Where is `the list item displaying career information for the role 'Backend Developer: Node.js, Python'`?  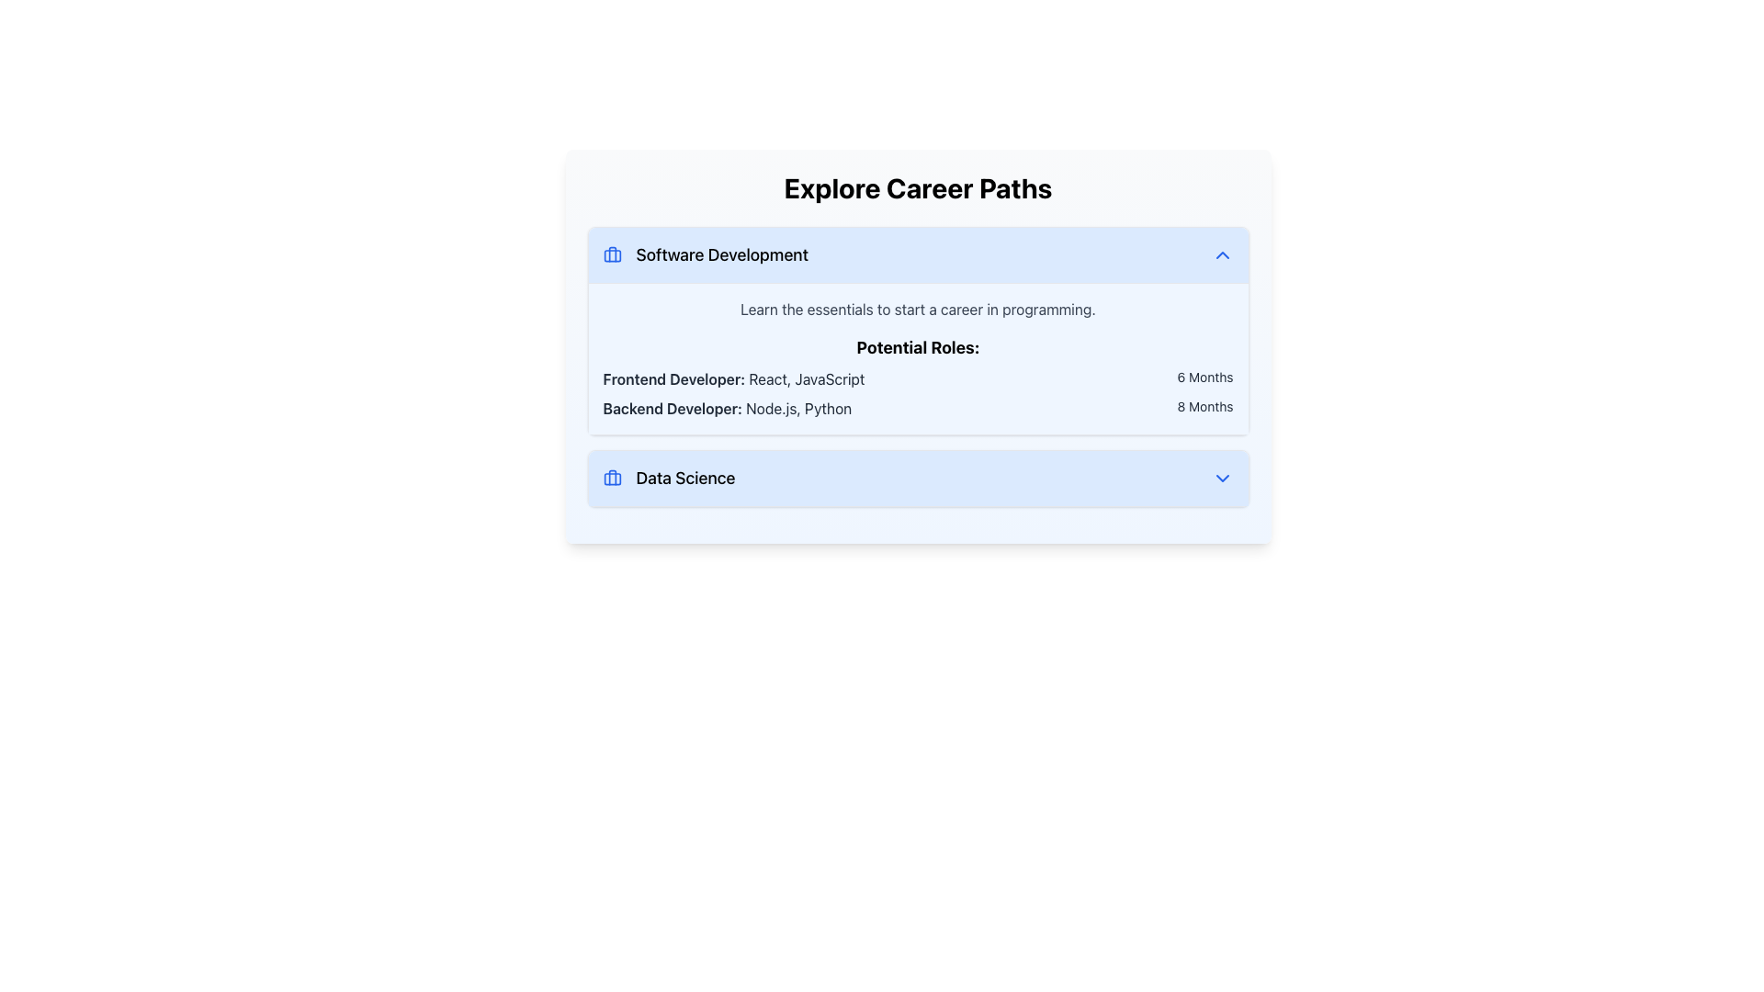
the list item displaying career information for the role 'Backend Developer: Node.js, Python' is located at coordinates (918, 407).